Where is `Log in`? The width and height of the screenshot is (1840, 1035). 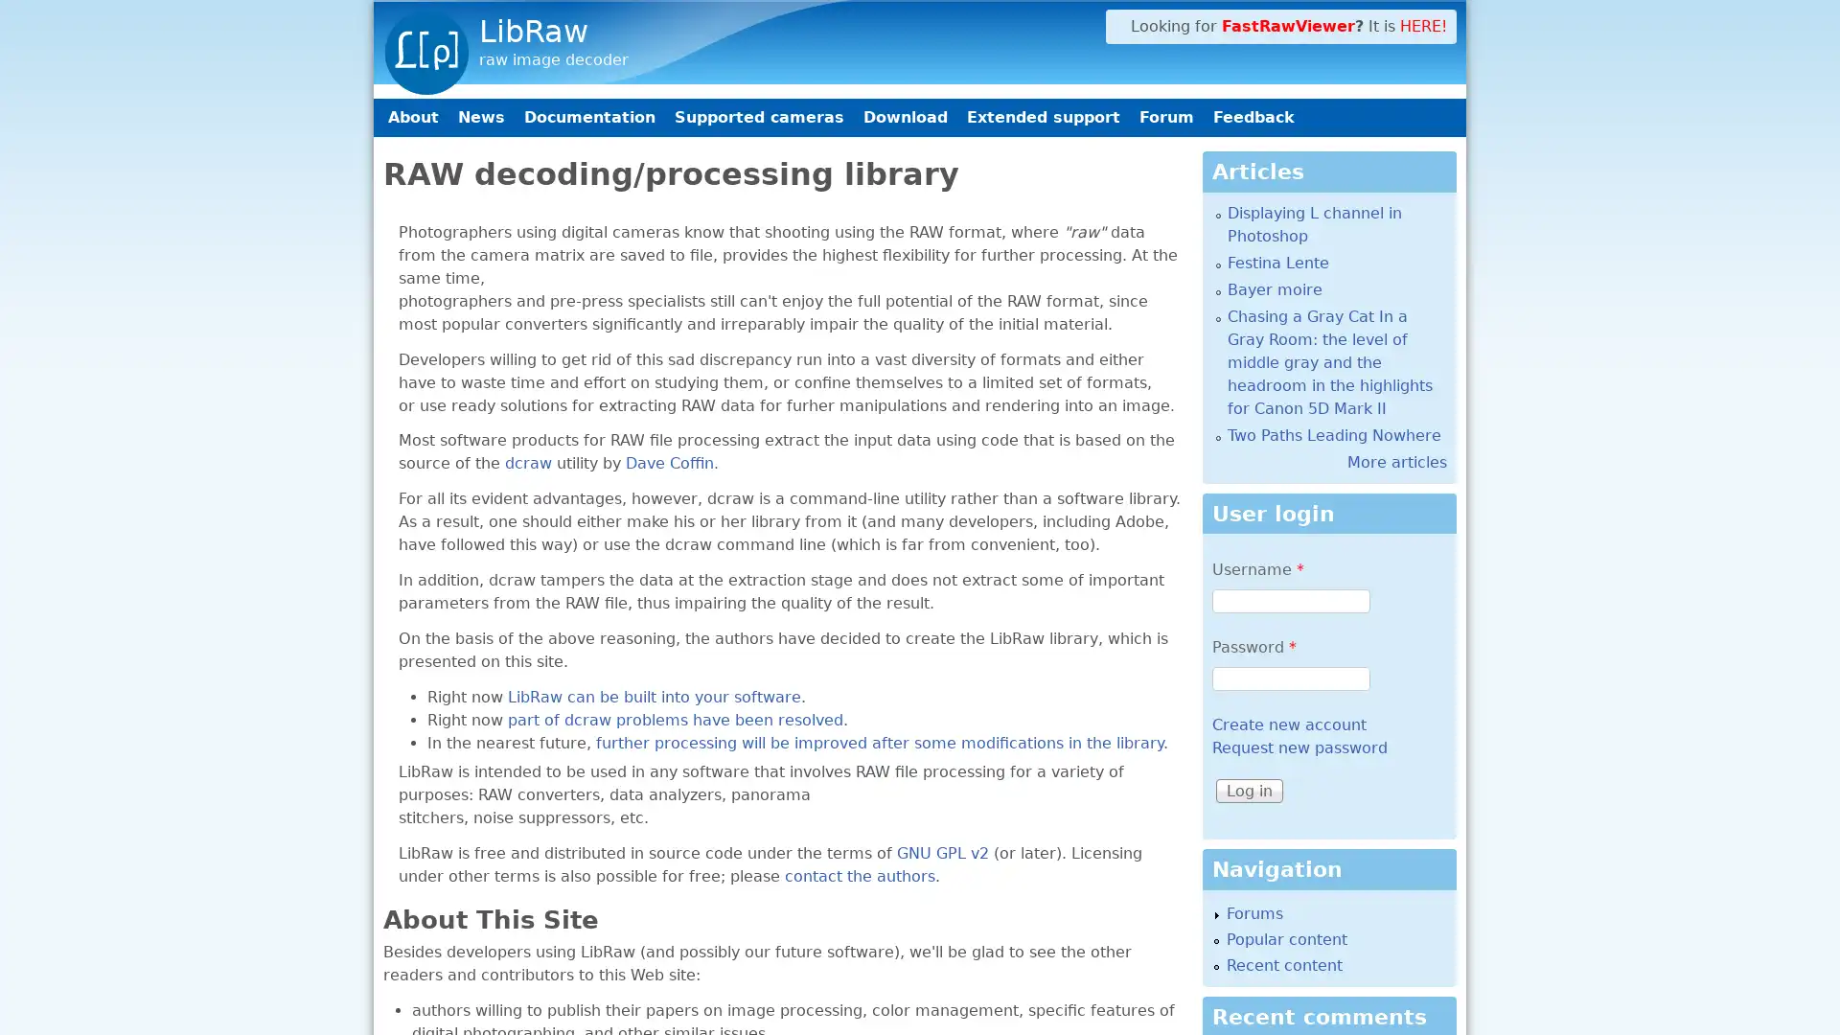 Log in is located at coordinates (1250, 791).